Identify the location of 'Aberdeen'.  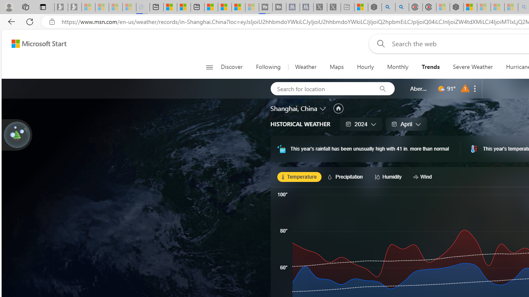
(419, 88).